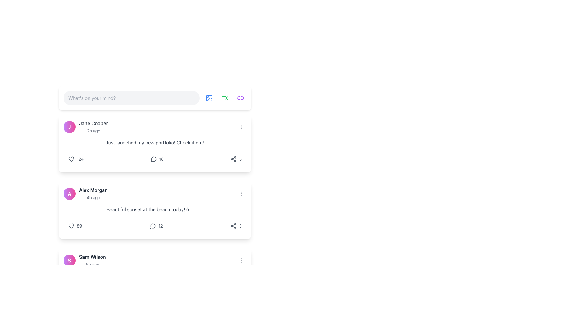  I want to click on the circular button with a green video camera icon located in the toolbar, third button to the right of the 'What's on your mind?' text input field, so click(225, 98).